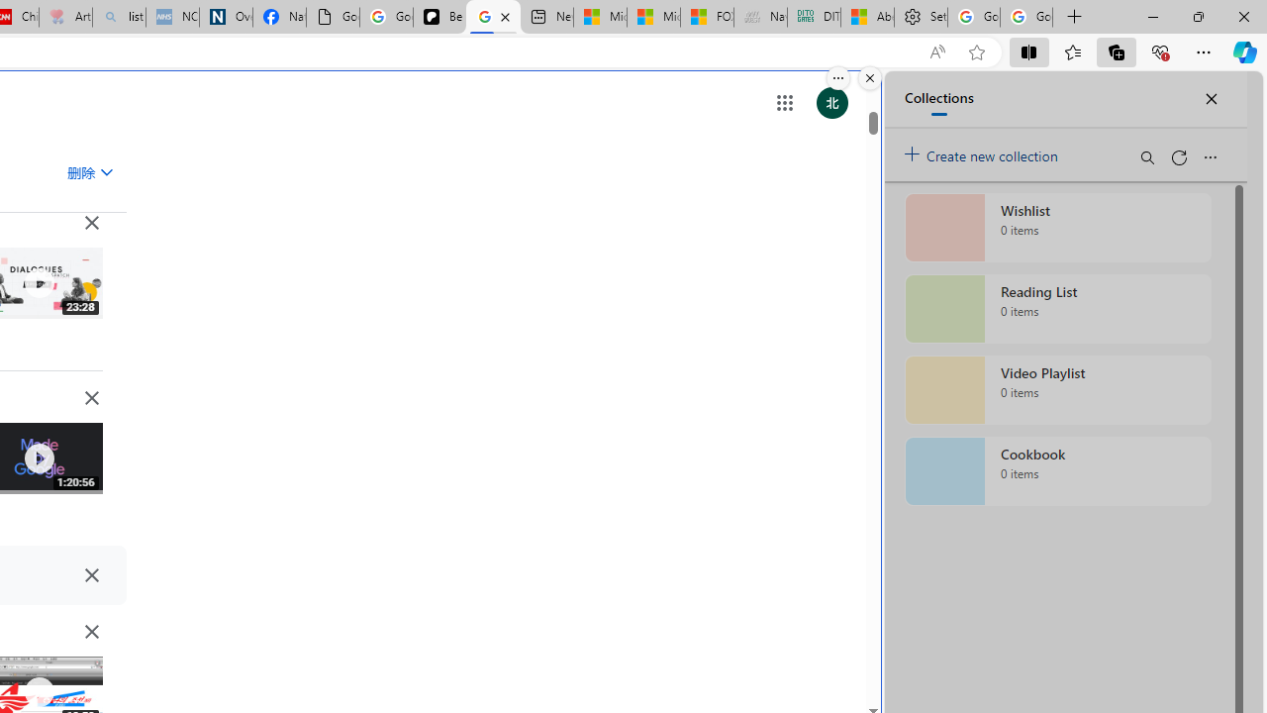  What do you see at coordinates (333, 17) in the screenshot?
I see `'Google Analytics Opt-out Browser Add-on Download Page'` at bounding box center [333, 17].